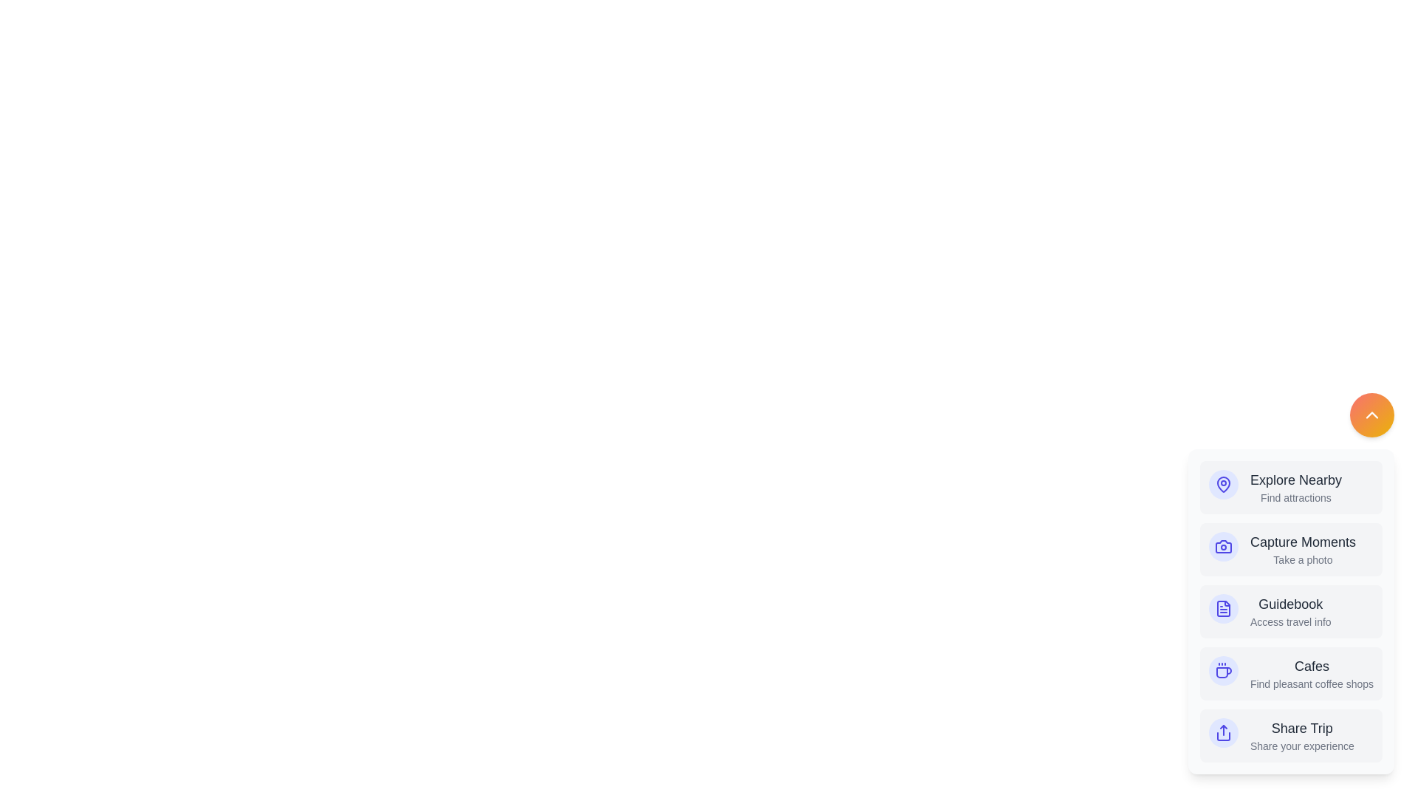 This screenshot has width=1418, height=798. I want to click on the menu item Share Trip to perform the associated action, so click(1289, 735).